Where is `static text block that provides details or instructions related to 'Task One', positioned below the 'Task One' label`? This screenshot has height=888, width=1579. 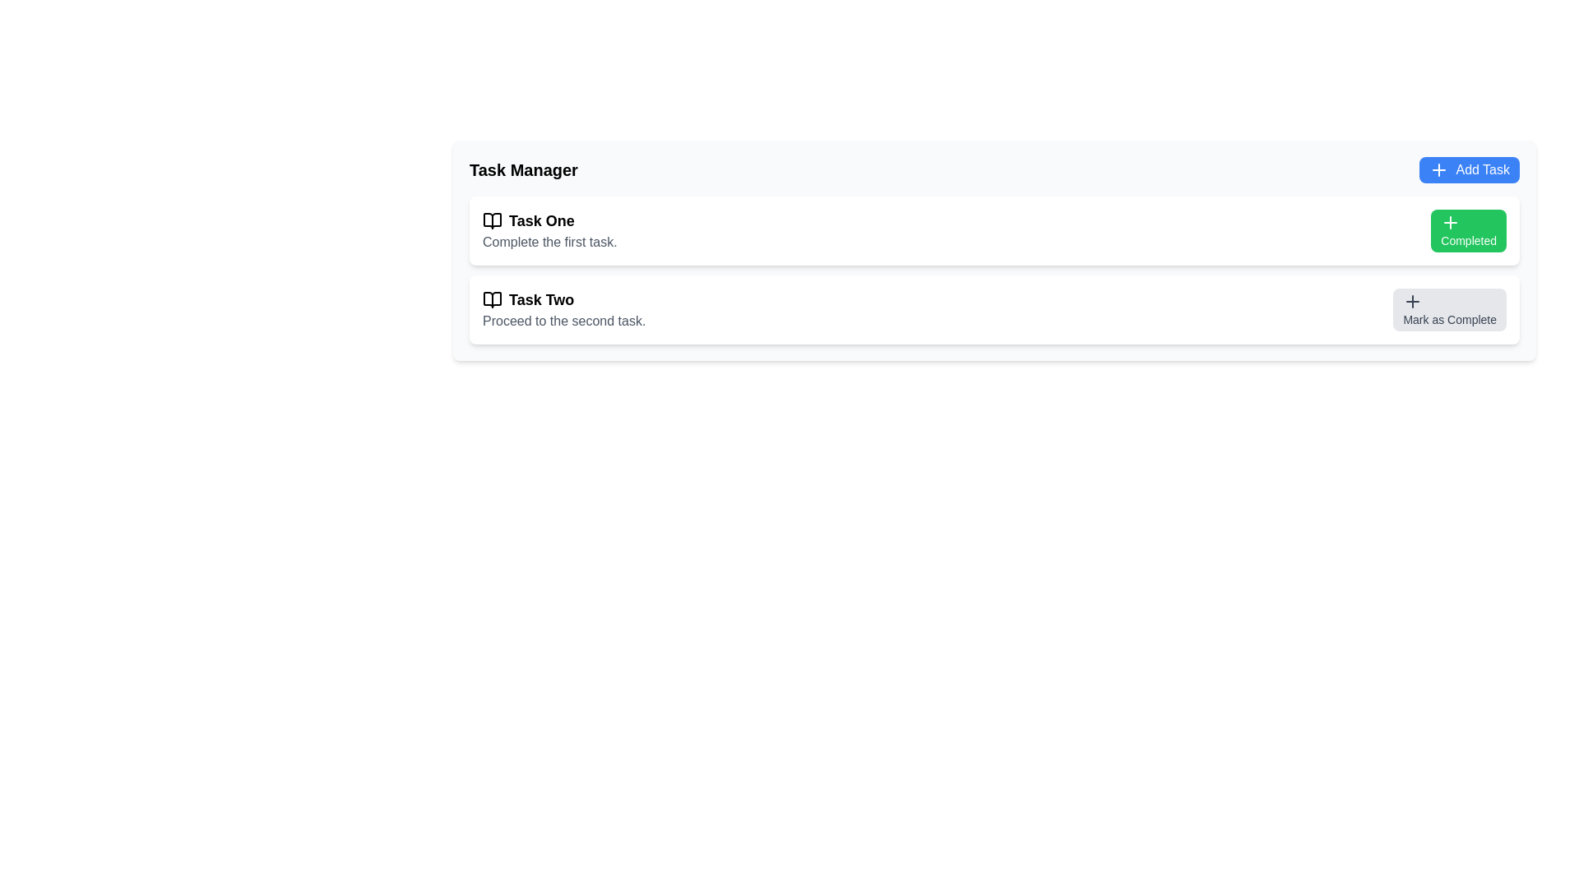 static text block that provides details or instructions related to 'Task One', positioned below the 'Task One' label is located at coordinates (549, 242).